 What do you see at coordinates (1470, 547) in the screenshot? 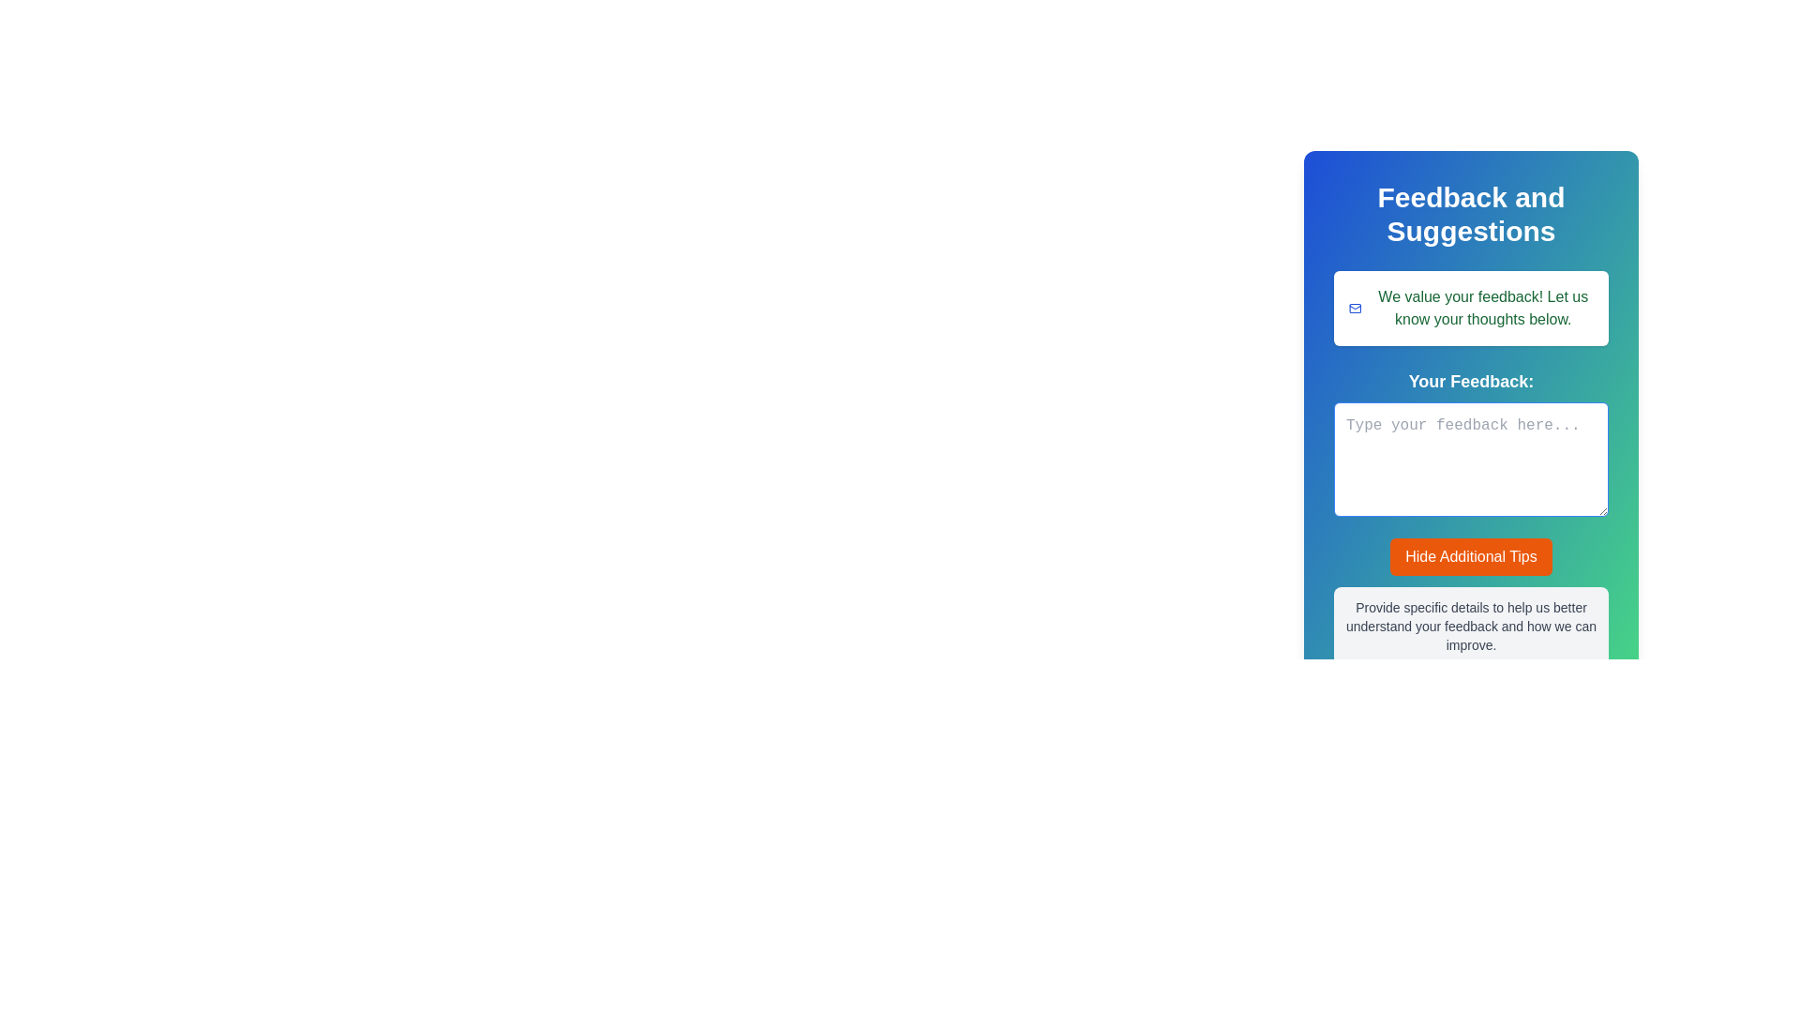
I see `the 'Hide Additional Tips' button, which is an orange button with white text located below the user feedback text area, to trigger potential visual feedback` at bounding box center [1470, 547].